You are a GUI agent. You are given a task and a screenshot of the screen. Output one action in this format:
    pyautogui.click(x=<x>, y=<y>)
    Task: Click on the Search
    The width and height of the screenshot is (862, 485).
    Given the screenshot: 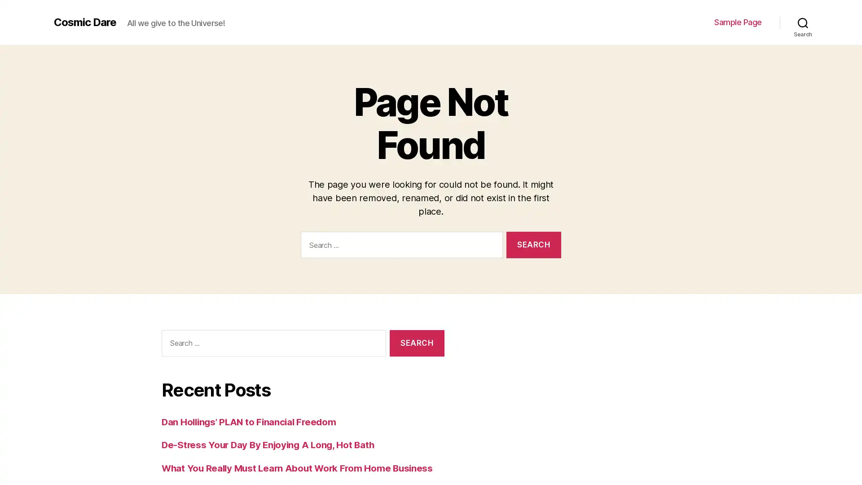 What is the action you would take?
    pyautogui.click(x=533, y=244)
    